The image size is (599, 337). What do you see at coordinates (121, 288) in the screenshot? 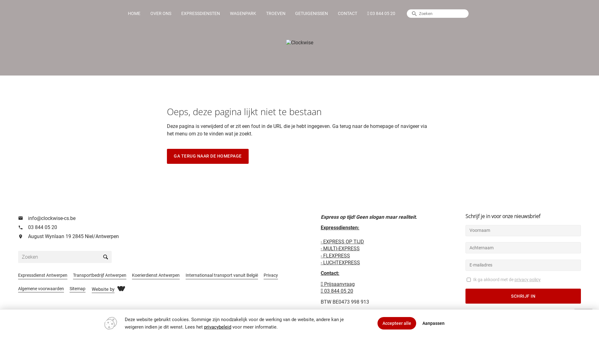
I see `'Webhero'` at bounding box center [121, 288].